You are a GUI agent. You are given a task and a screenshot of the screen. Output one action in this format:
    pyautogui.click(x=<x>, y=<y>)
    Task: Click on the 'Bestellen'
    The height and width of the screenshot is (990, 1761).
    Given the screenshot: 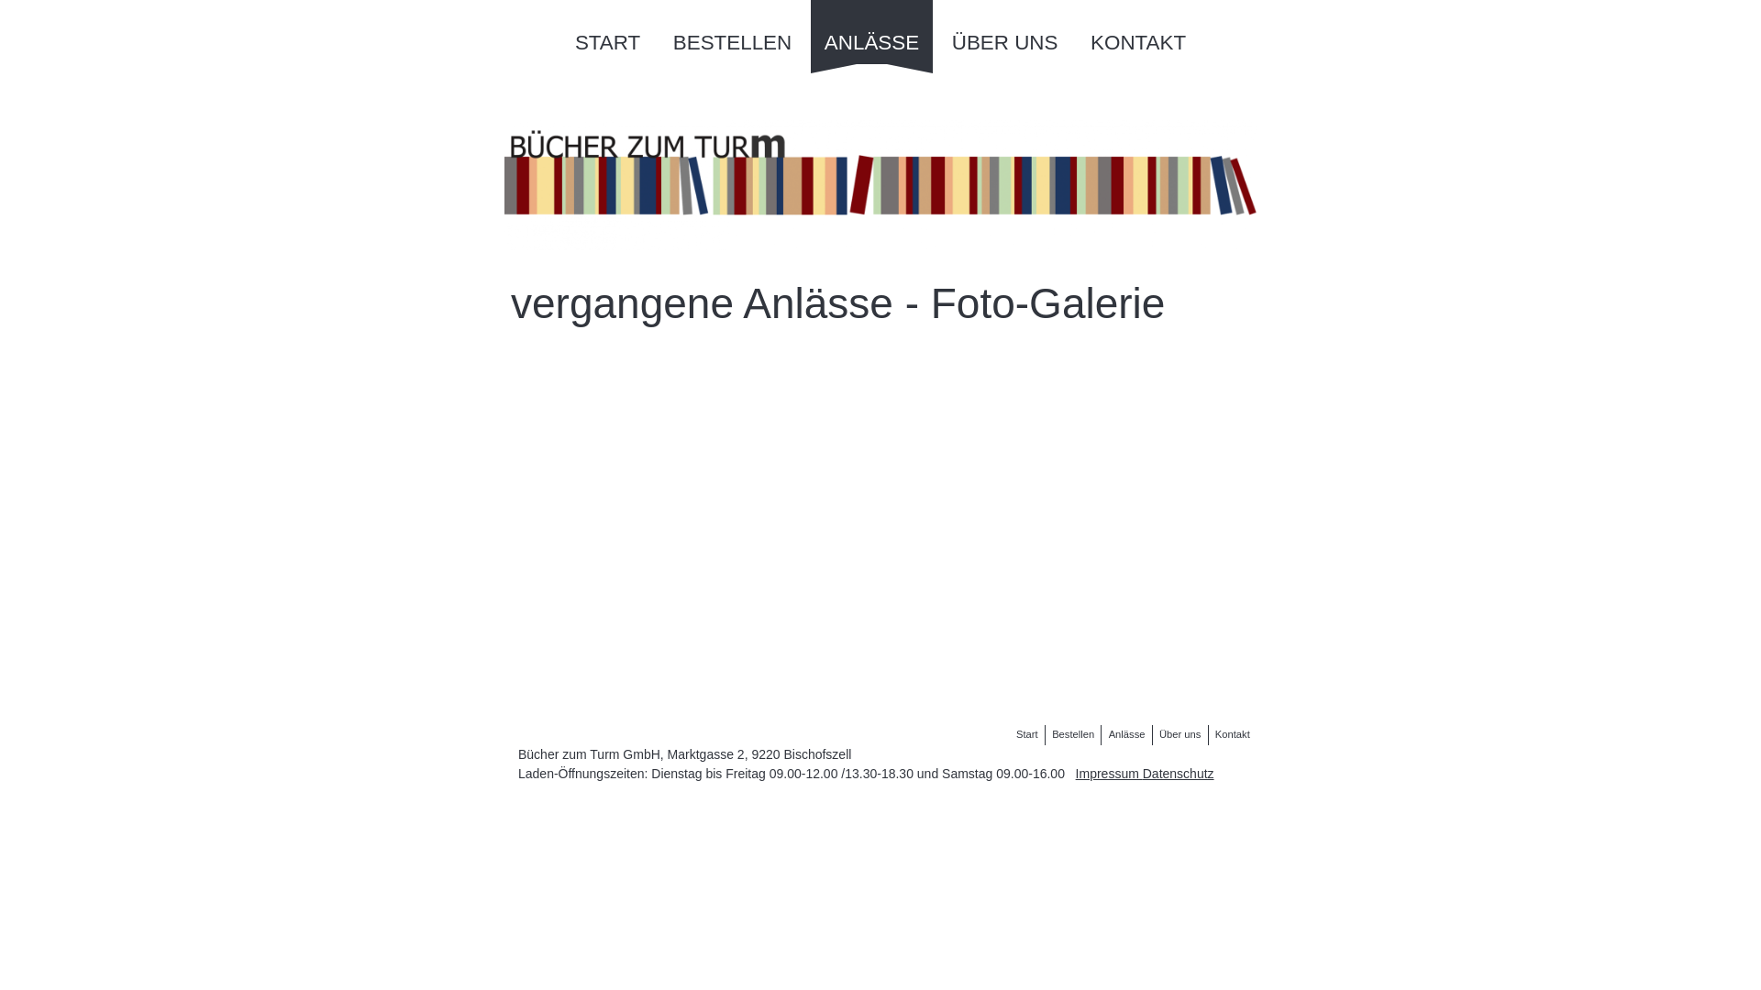 What is the action you would take?
    pyautogui.click(x=1073, y=733)
    